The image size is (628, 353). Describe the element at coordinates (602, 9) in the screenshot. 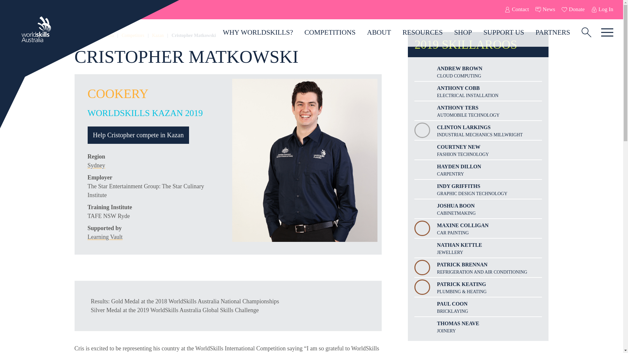

I see `'Log In'` at that location.